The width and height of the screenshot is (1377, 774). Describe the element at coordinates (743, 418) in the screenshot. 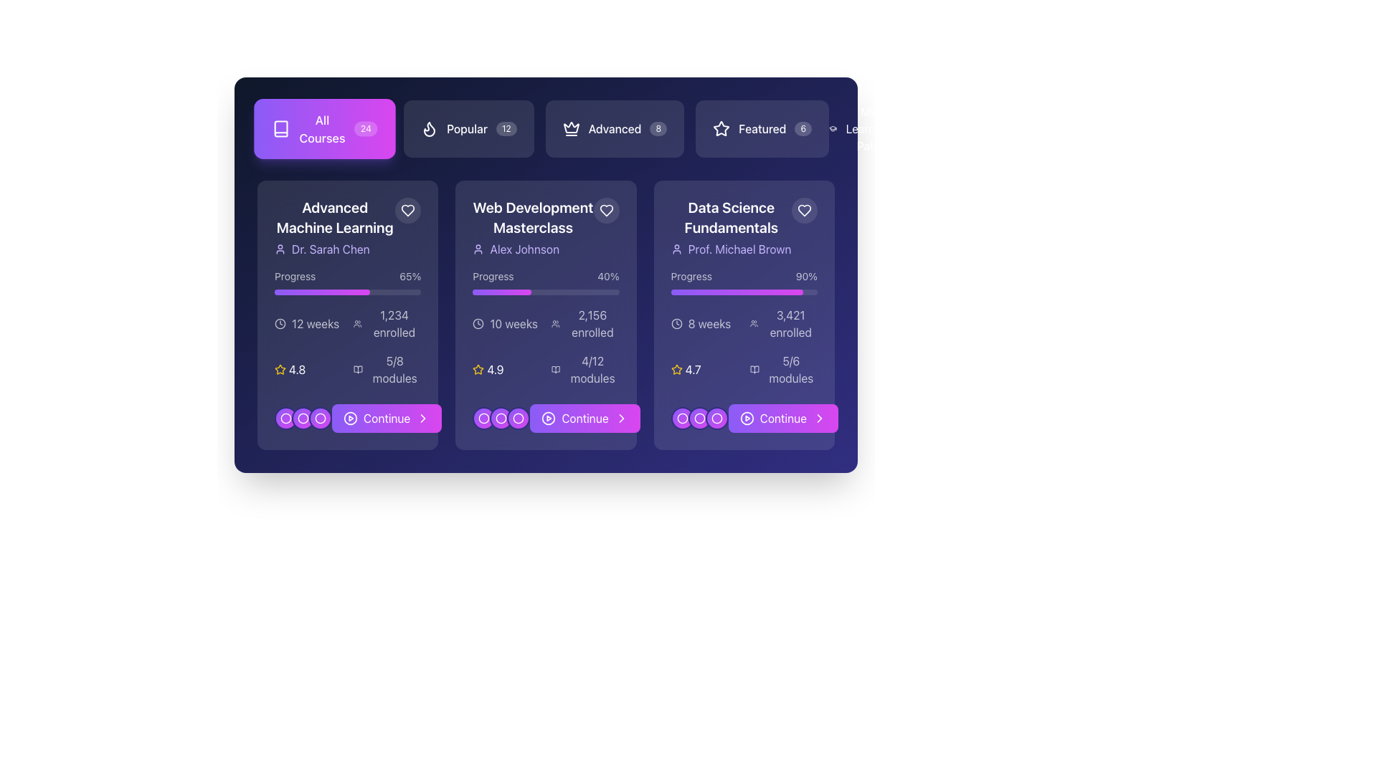

I see `the 'Continue' button located at the bottom-right corner of the 'Data Science Fundamentals' card by Prof. Michael Brown` at that location.